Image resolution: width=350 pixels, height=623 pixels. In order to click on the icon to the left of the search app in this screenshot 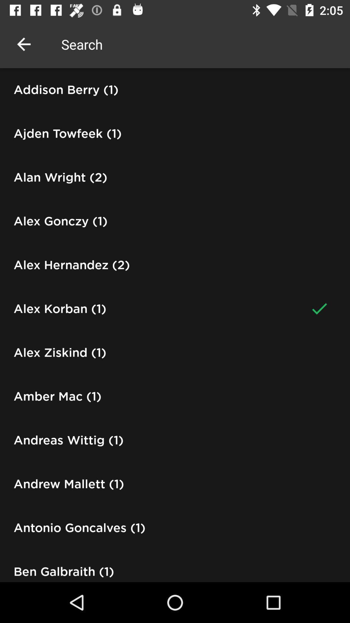, I will do `click(23, 44)`.